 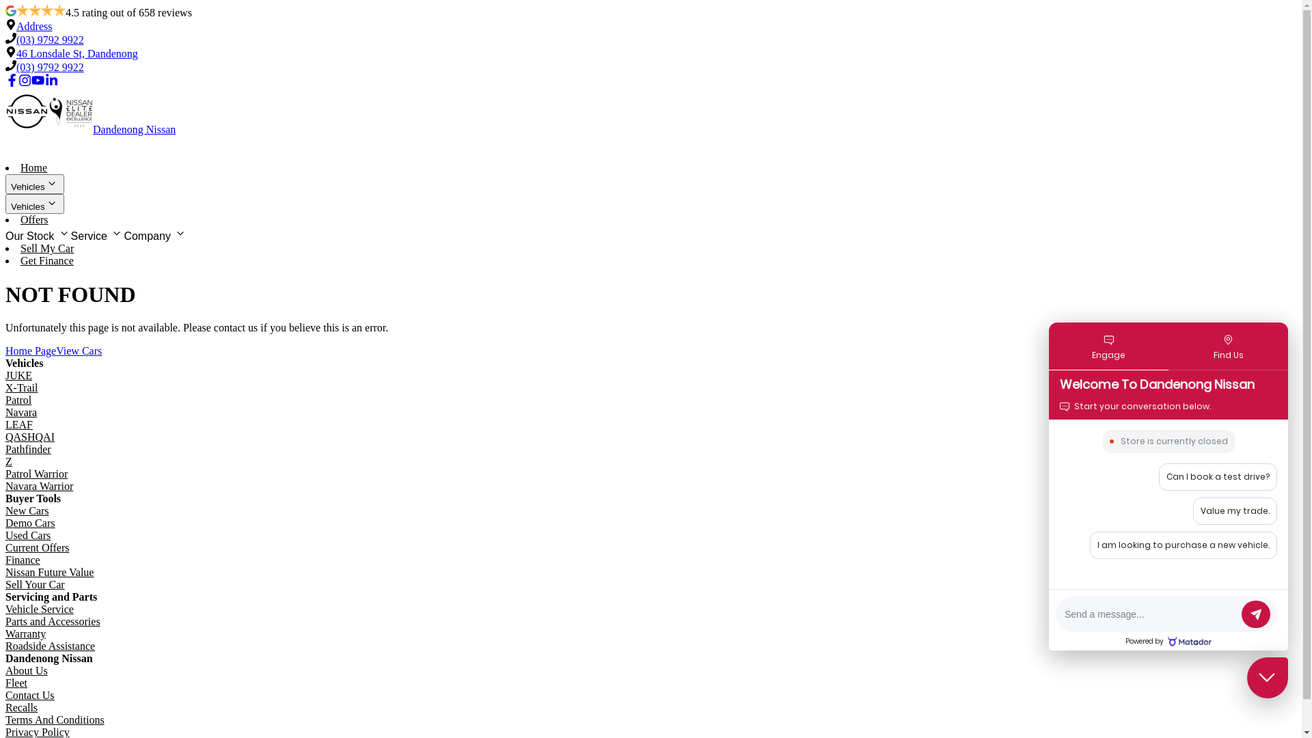 I want to click on 'Home Page', so click(x=30, y=350).